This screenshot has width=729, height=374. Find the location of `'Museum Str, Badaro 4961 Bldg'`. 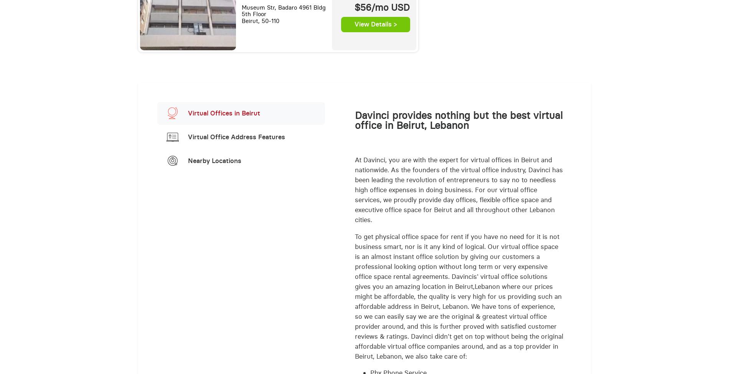

'Museum Str, Badaro 4961 Bldg' is located at coordinates (283, 7).